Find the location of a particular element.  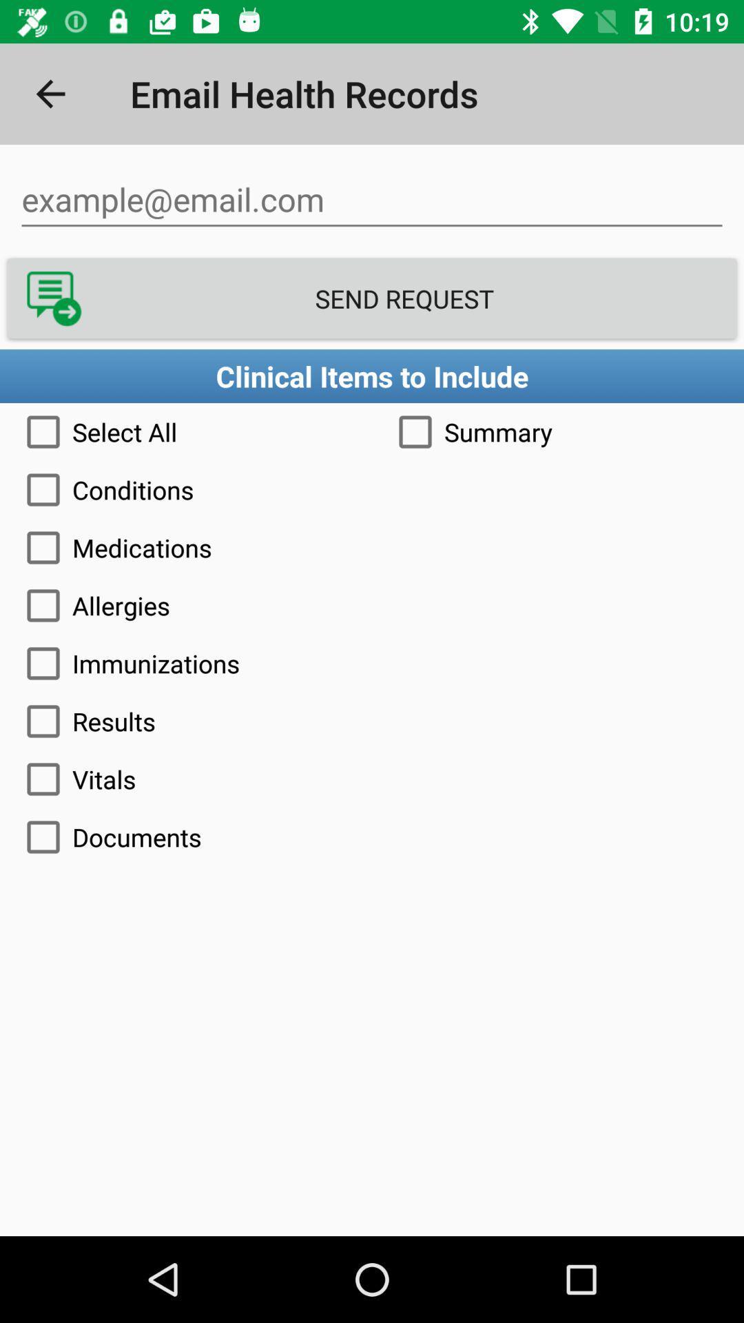

your email address is located at coordinates (372, 199).